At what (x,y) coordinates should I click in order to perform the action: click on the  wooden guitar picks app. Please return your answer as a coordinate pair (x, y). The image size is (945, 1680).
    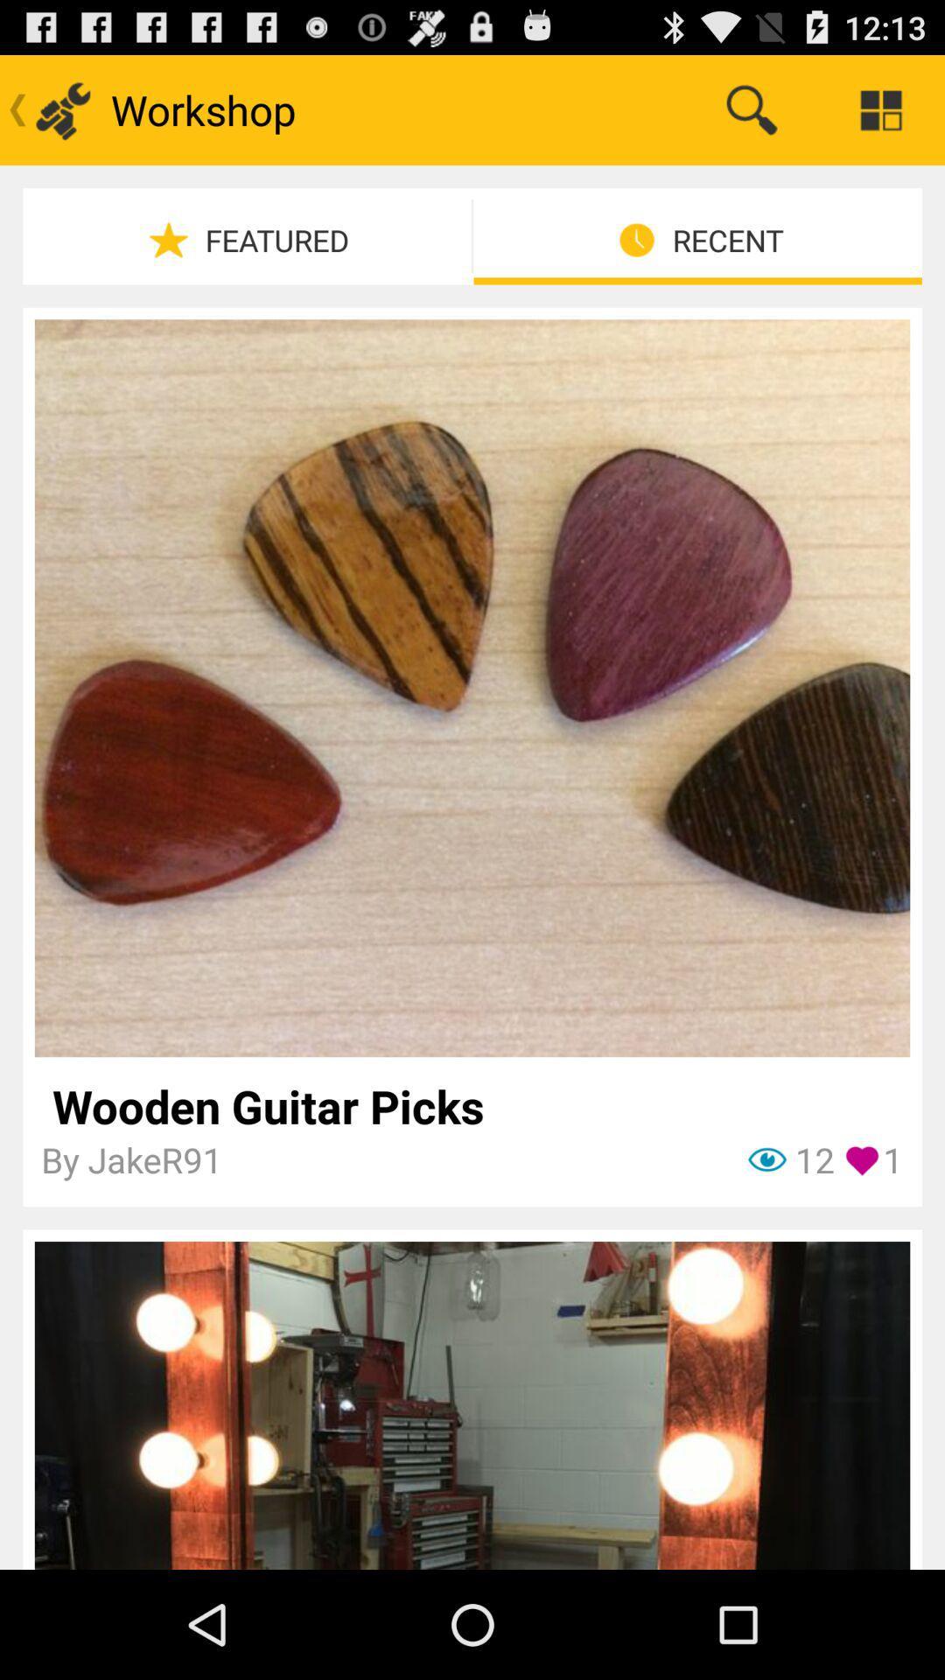
    Looking at the image, I should click on (471, 1105).